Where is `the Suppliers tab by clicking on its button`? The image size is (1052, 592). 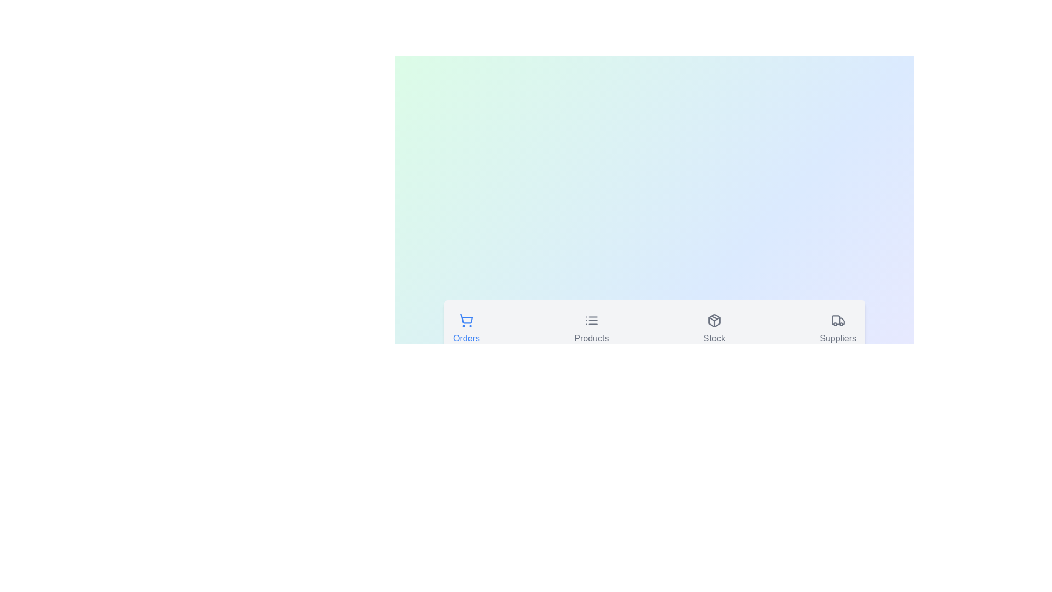
the Suppliers tab by clicking on its button is located at coordinates (837, 329).